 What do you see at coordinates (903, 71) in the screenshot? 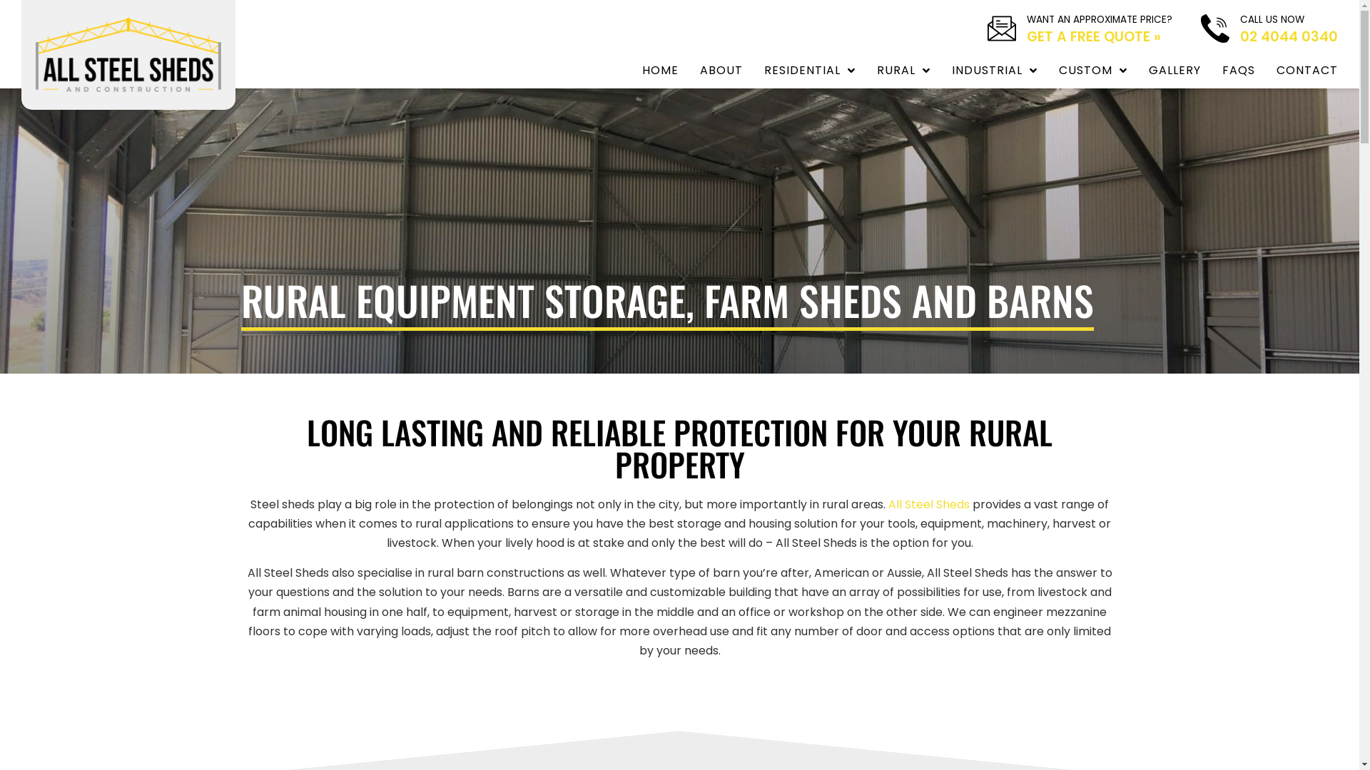
I see `'RURAL'` at bounding box center [903, 71].